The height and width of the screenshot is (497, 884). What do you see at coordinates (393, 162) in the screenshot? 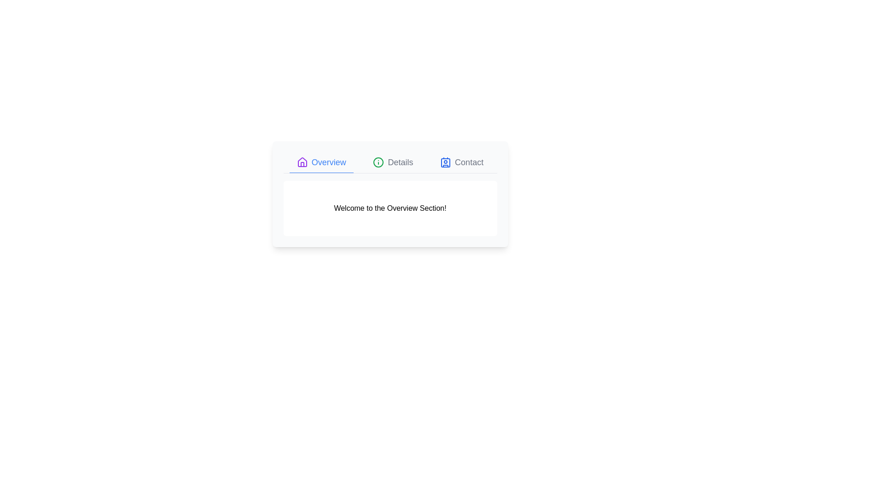
I see `the Details tab to view its content` at bounding box center [393, 162].